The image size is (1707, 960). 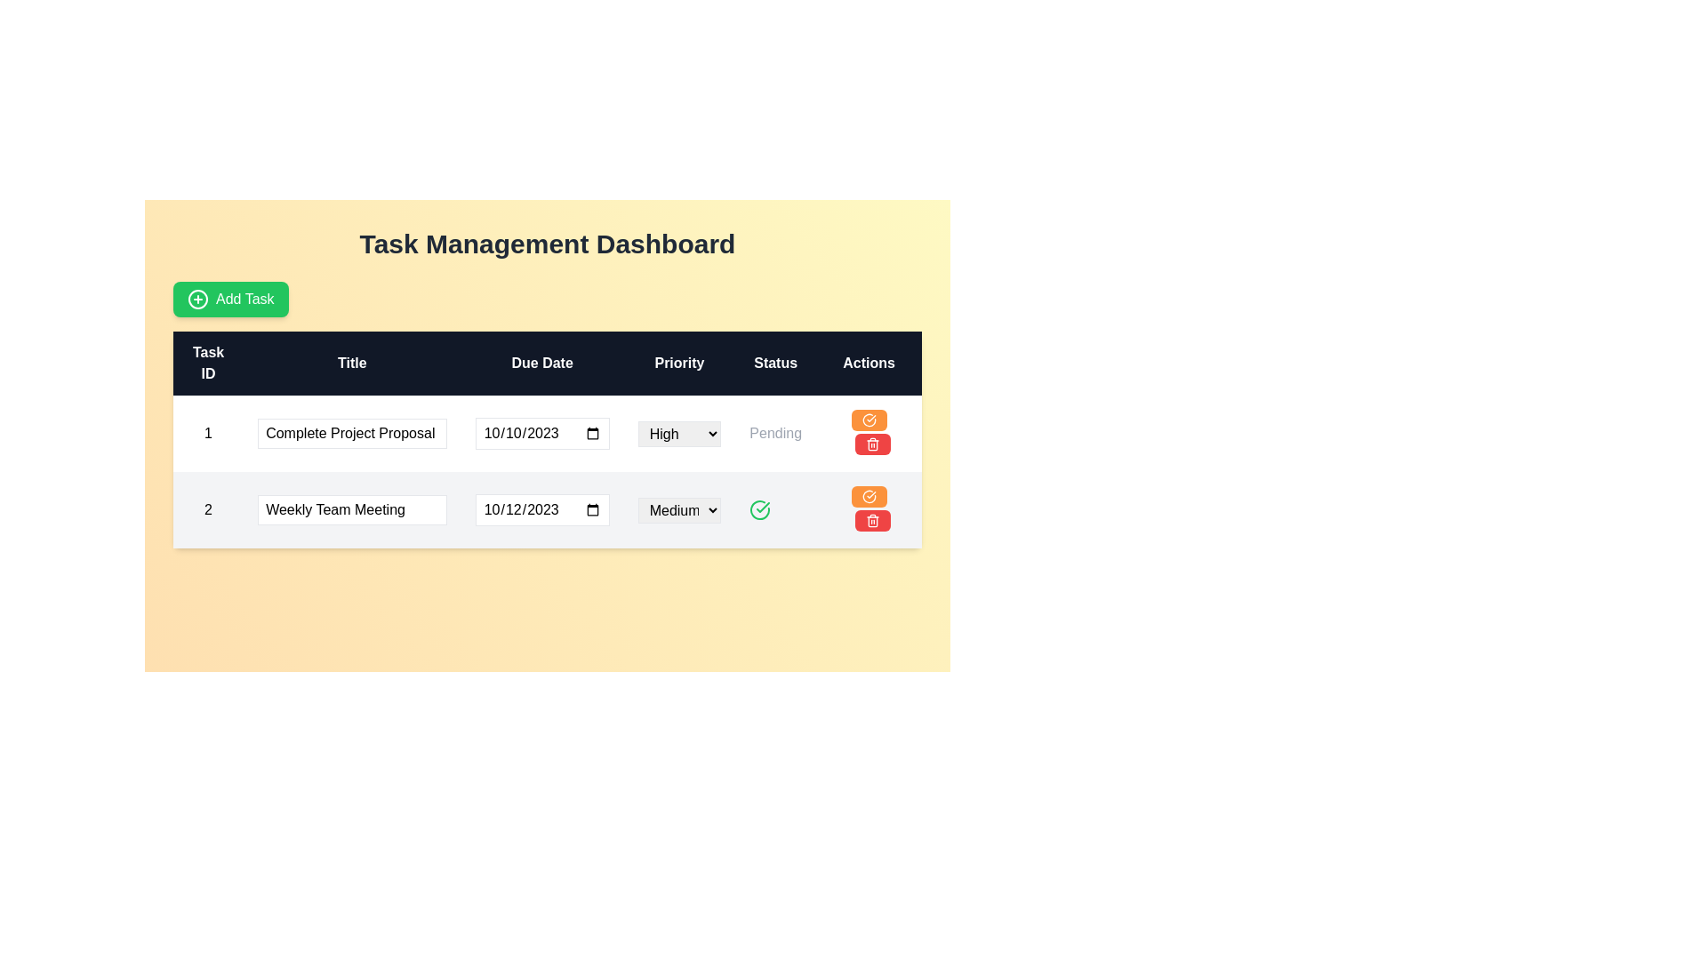 I want to click on the text label displaying the number '1' in the first column of the table row labeled 'Task ID', so click(x=208, y=434).